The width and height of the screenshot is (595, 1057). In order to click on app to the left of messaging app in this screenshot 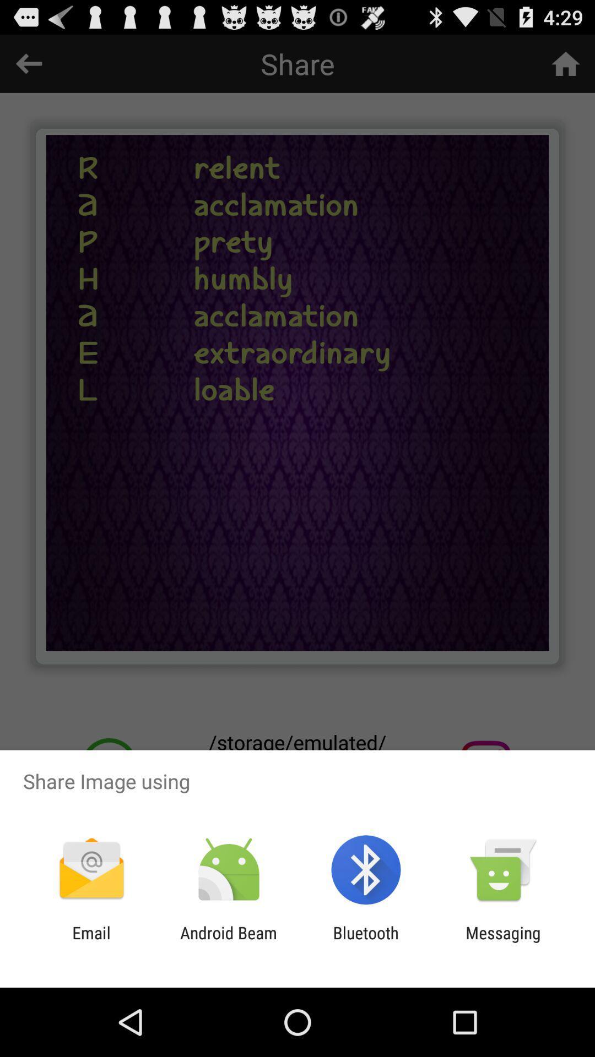, I will do `click(366, 942)`.